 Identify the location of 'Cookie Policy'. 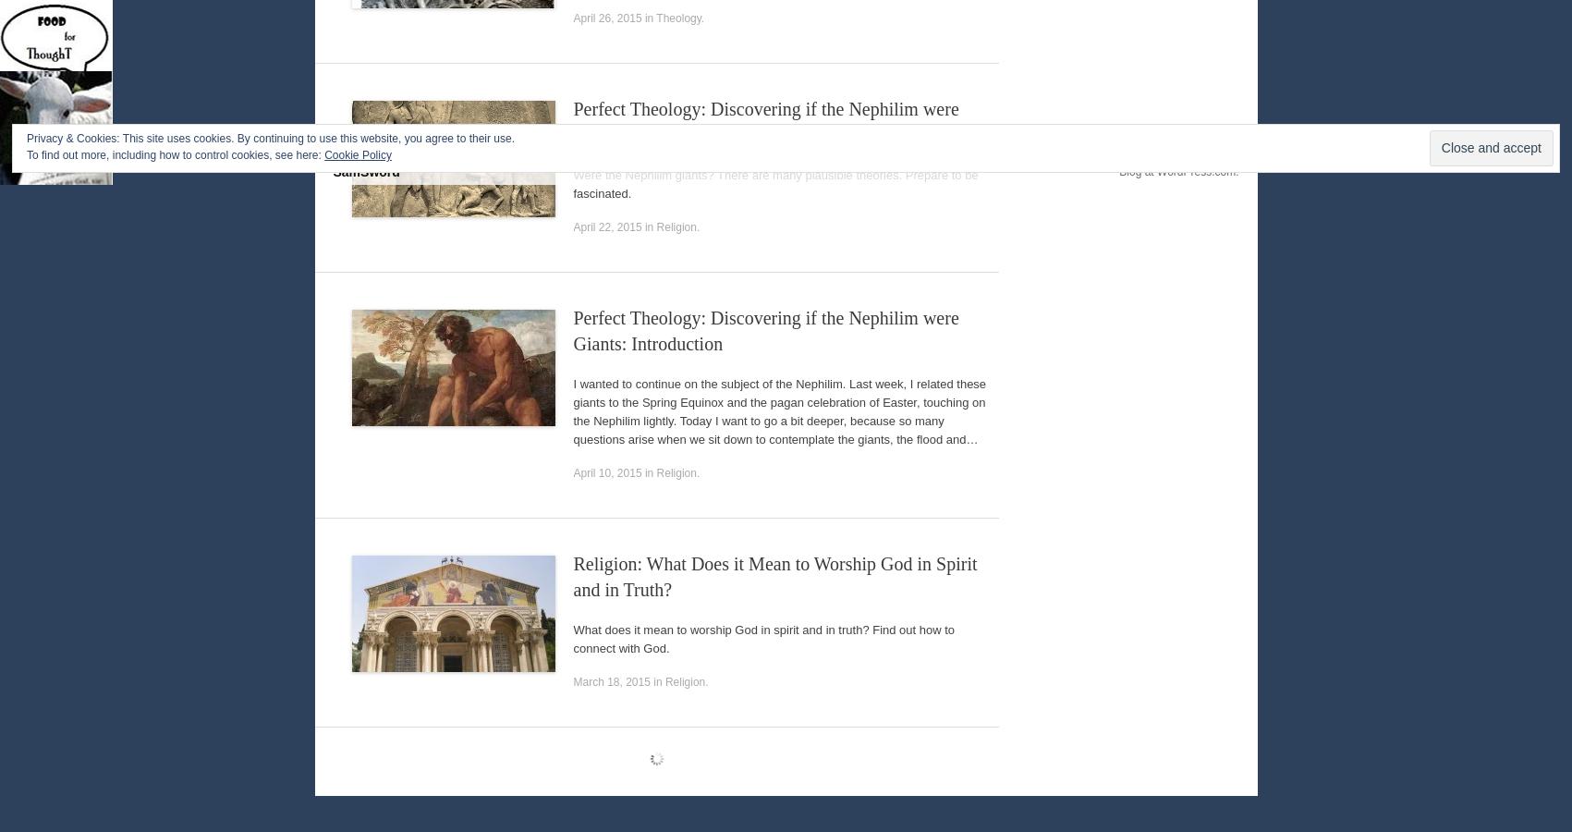
(356, 155).